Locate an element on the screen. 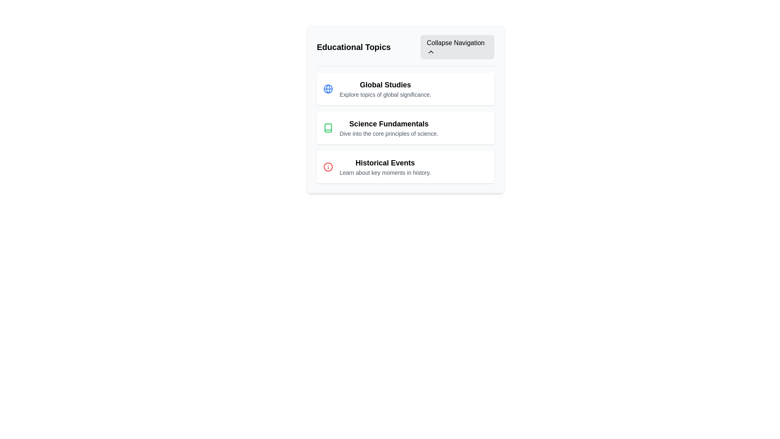  the blue stroke circular shape that is the central part of the globe icon in the 'Global Studies' section, located directly to the left of the 'Global Studies' text is located at coordinates (328, 89).